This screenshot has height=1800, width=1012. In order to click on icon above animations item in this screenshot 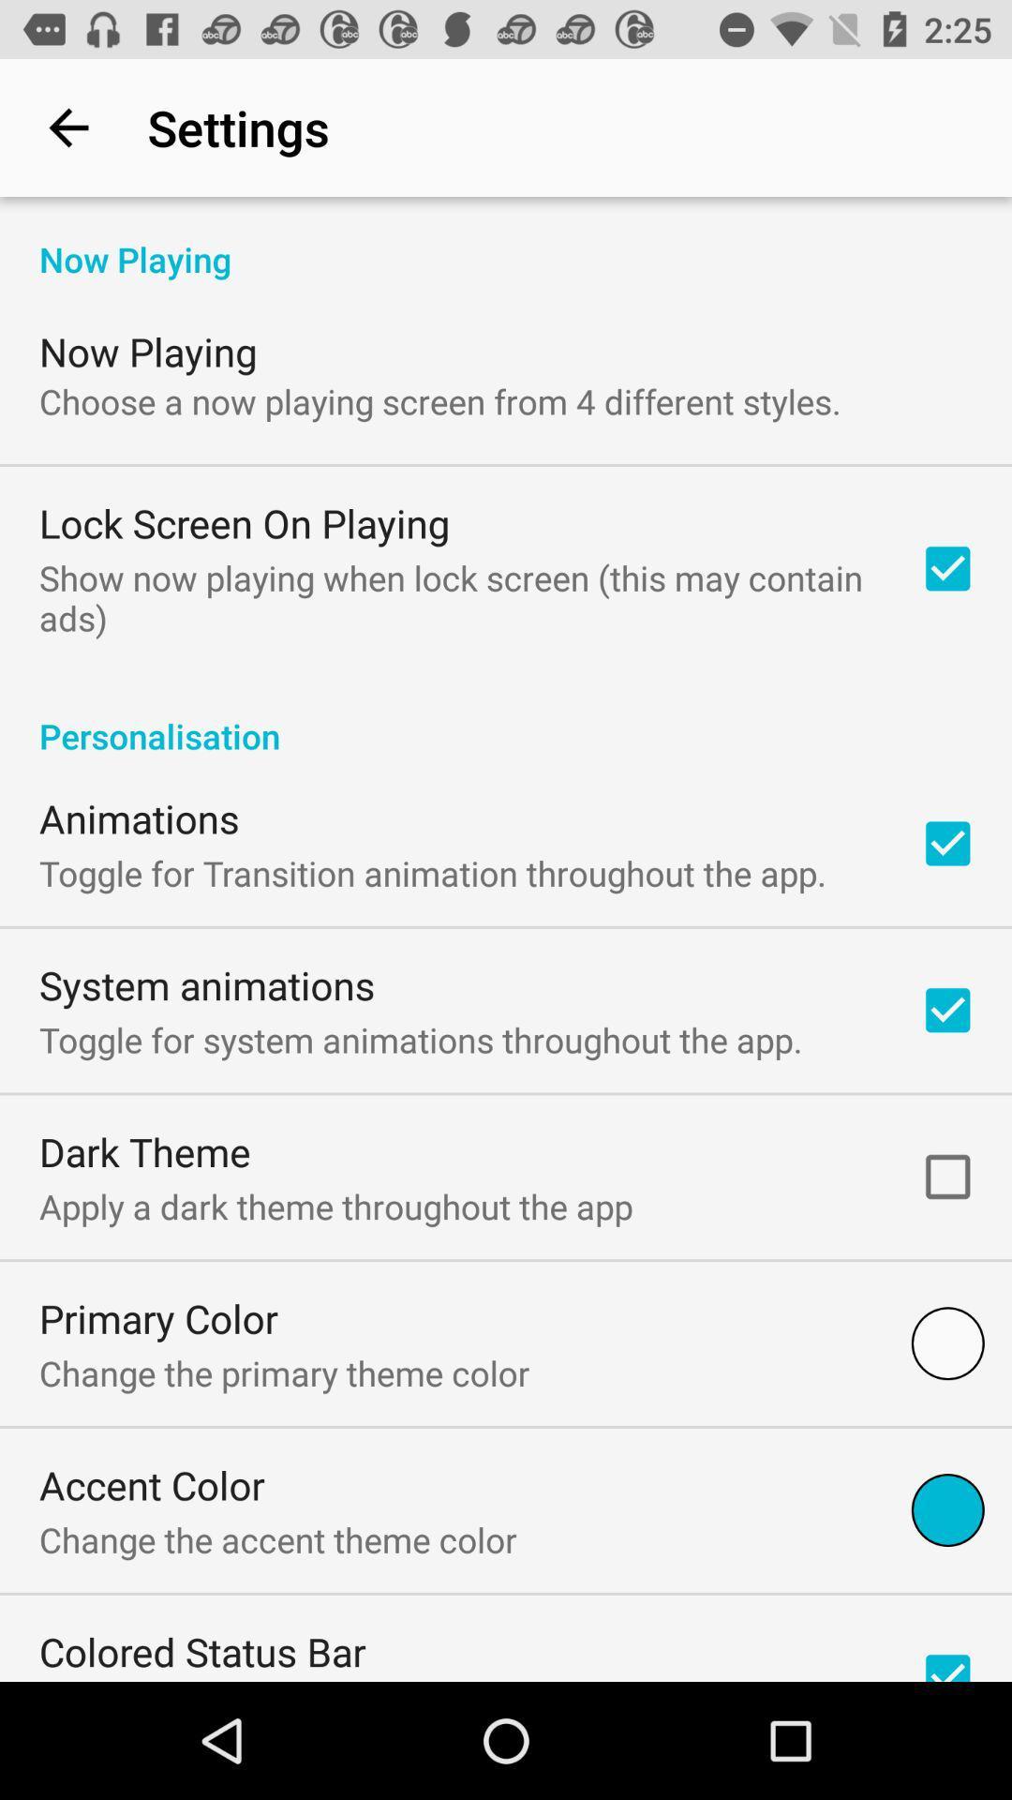, I will do `click(506, 715)`.